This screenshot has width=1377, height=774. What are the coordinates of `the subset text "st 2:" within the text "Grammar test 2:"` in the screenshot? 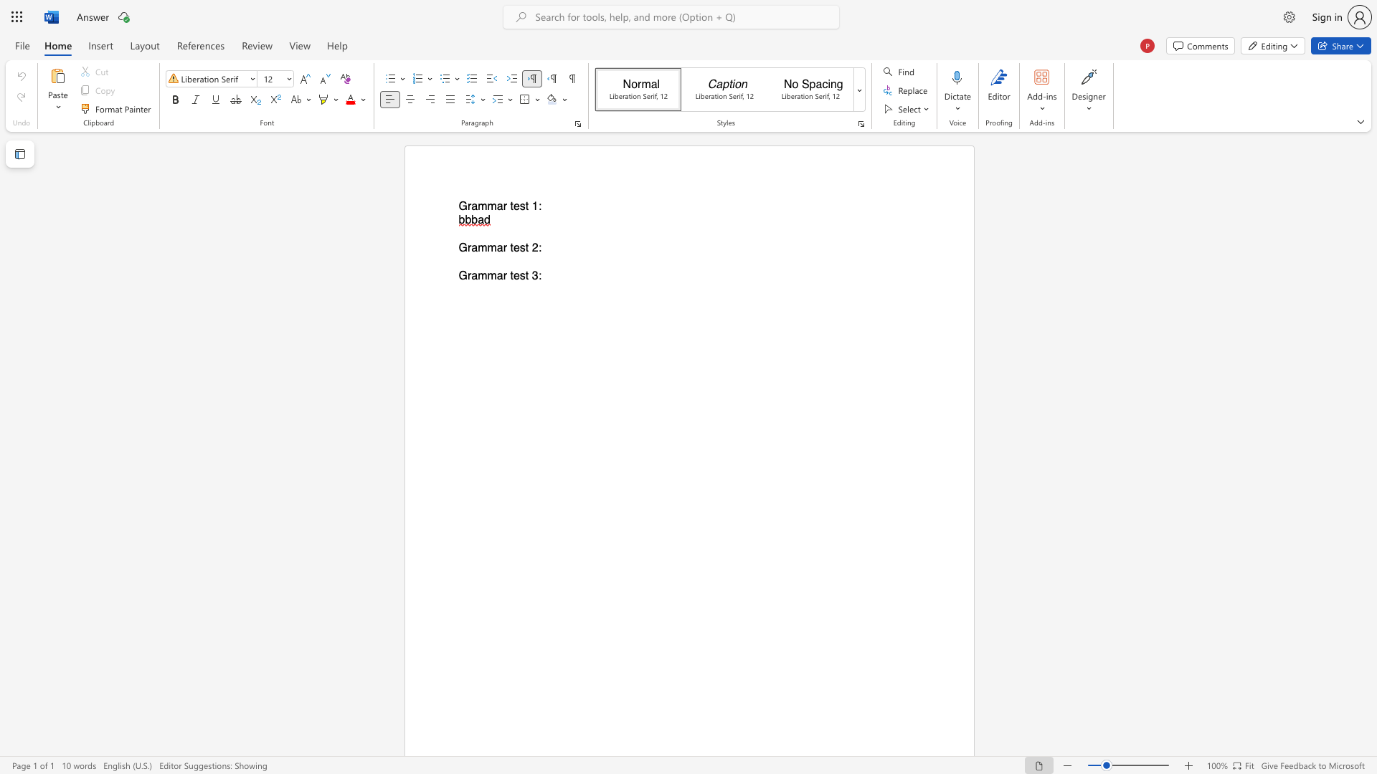 It's located at (519, 247).